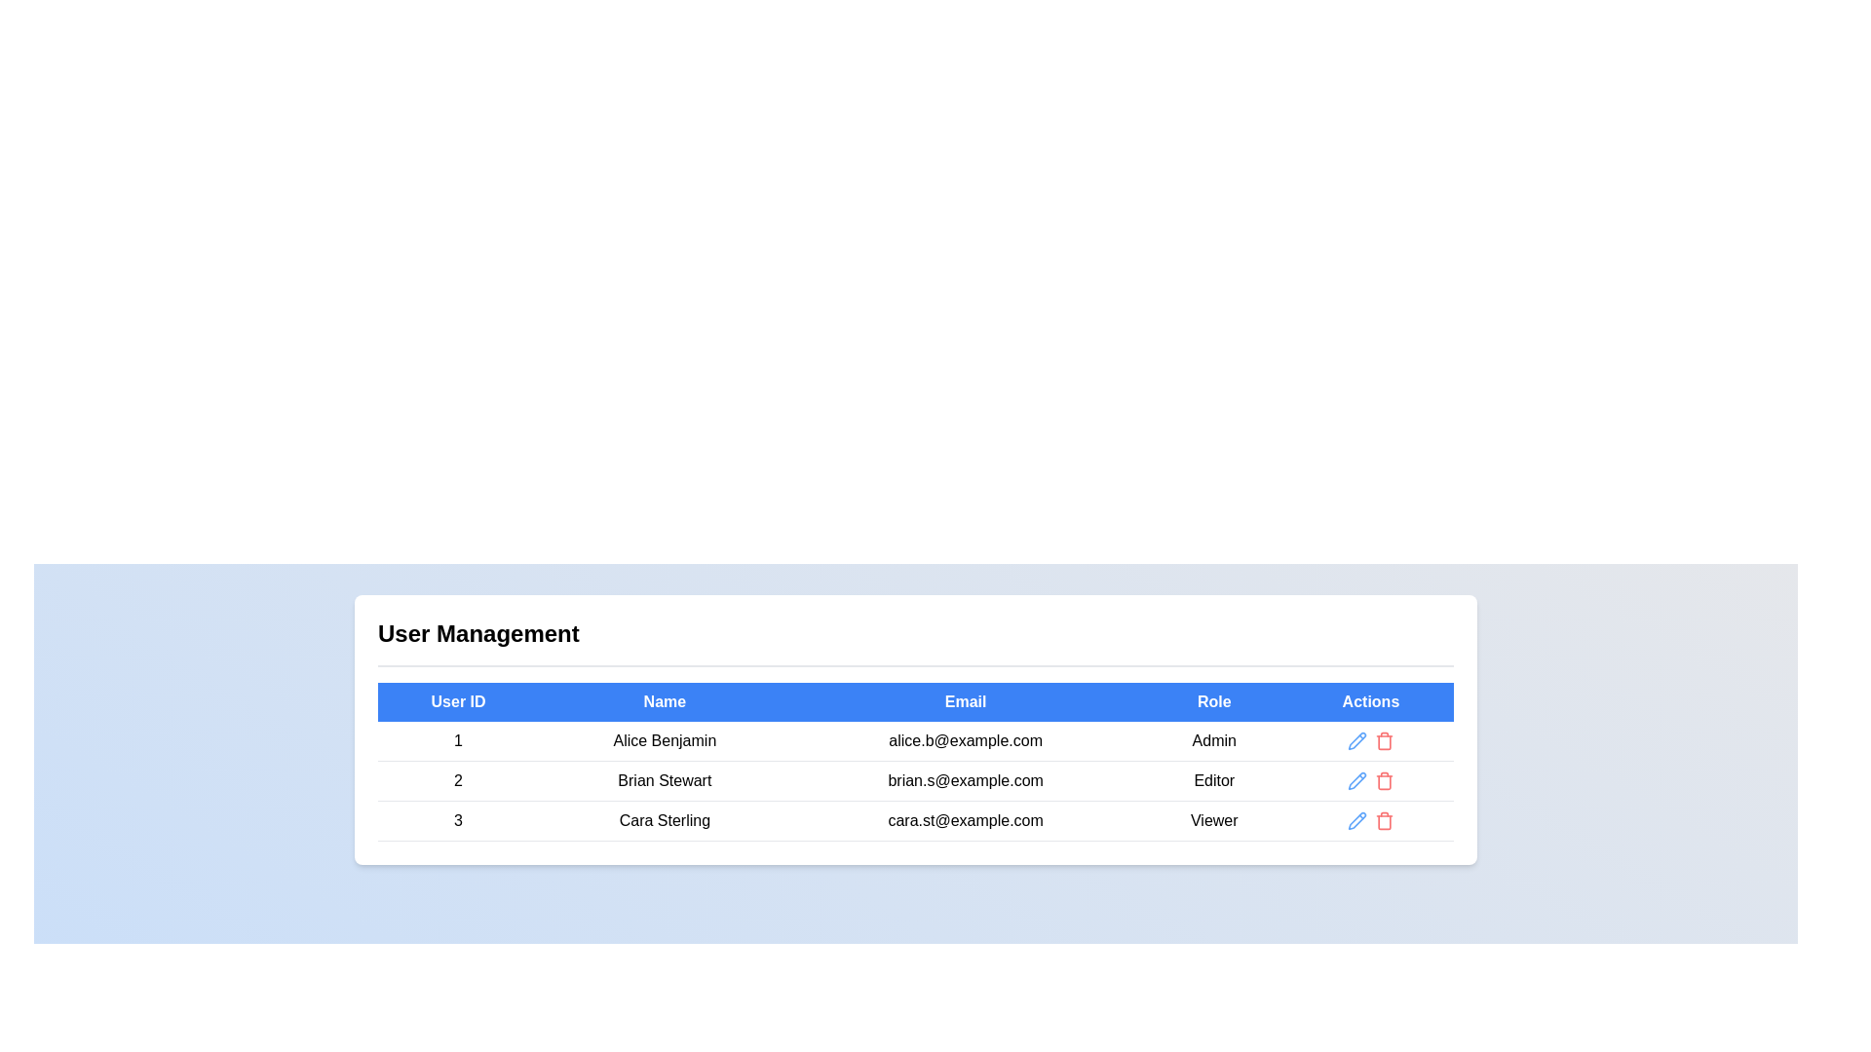 The image size is (1871, 1052). Describe the element at coordinates (665, 702) in the screenshot. I see `the second column header of the table, which labels the user names and is located between the 'User ID' and 'Email' headers` at that location.